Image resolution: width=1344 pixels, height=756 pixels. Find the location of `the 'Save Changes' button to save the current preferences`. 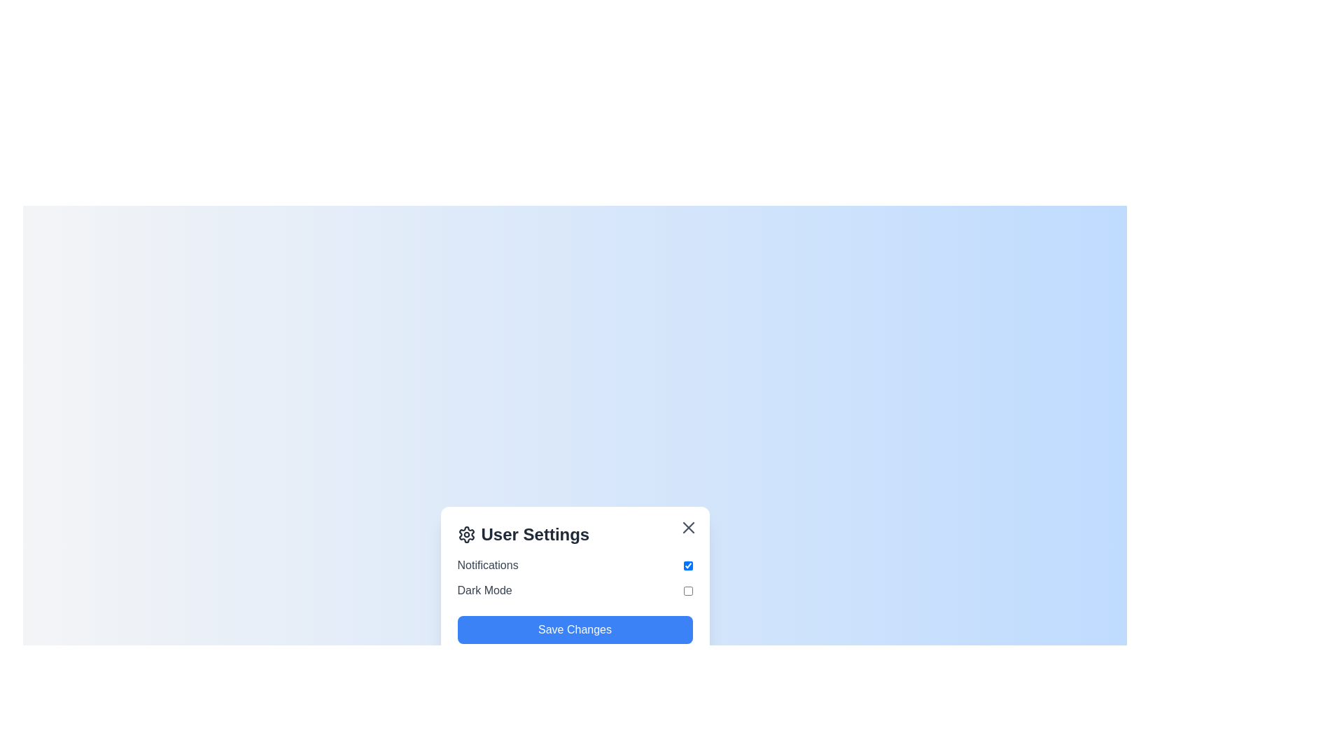

the 'Save Changes' button to save the current preferences is located at coordinates (575, 629).